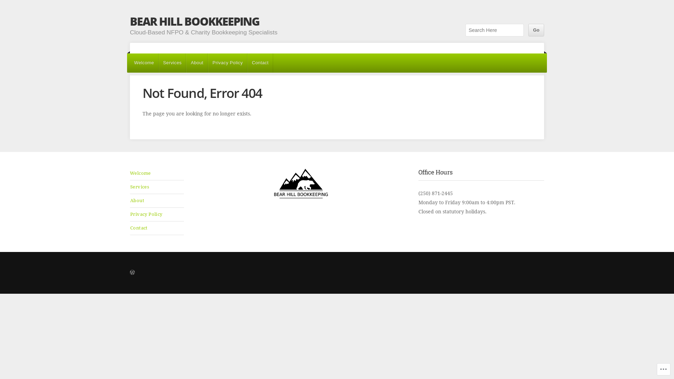 This screenshot has height=379, width=674. What do you see at coordinates (536, 29) in the screenshot?
I see `'Go'` at bounding box center [536, 29].